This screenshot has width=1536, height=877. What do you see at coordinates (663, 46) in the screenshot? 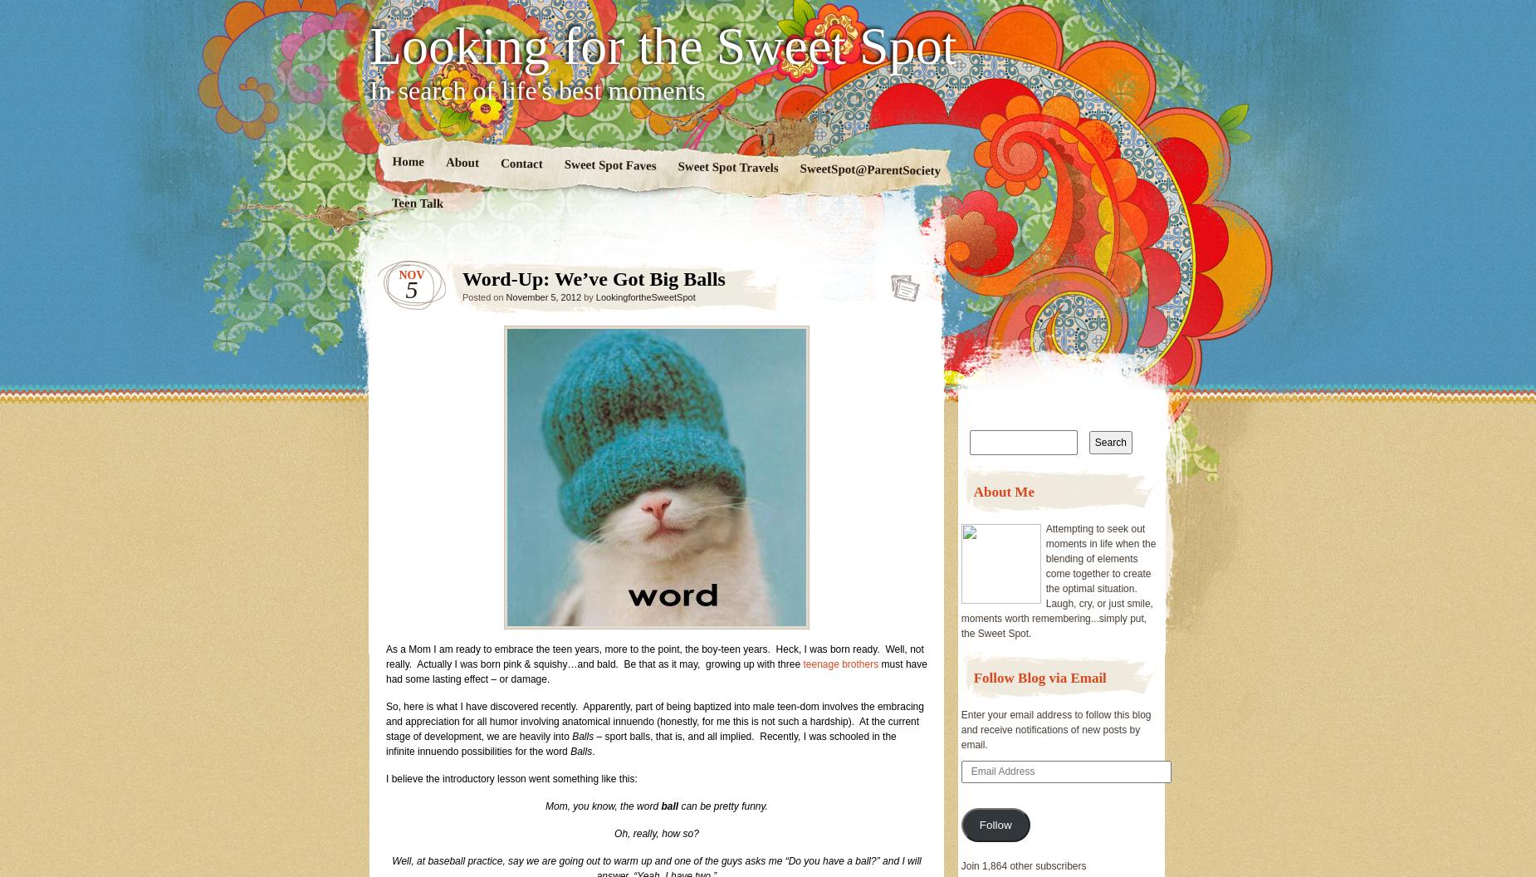
I see `'Looking for the Sweet Spot'` at bounding box center [663, 46].